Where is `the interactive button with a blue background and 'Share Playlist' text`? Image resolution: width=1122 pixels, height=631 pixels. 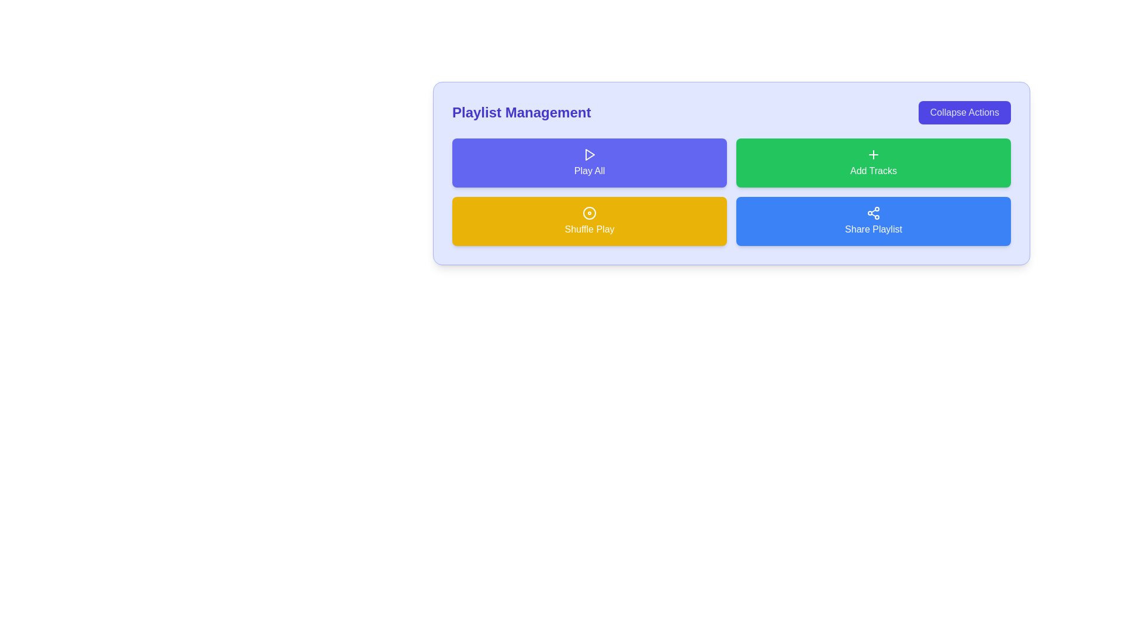
the interactive button with a blue background and 'Share Playlist' text is located at coordinates (873, 221).